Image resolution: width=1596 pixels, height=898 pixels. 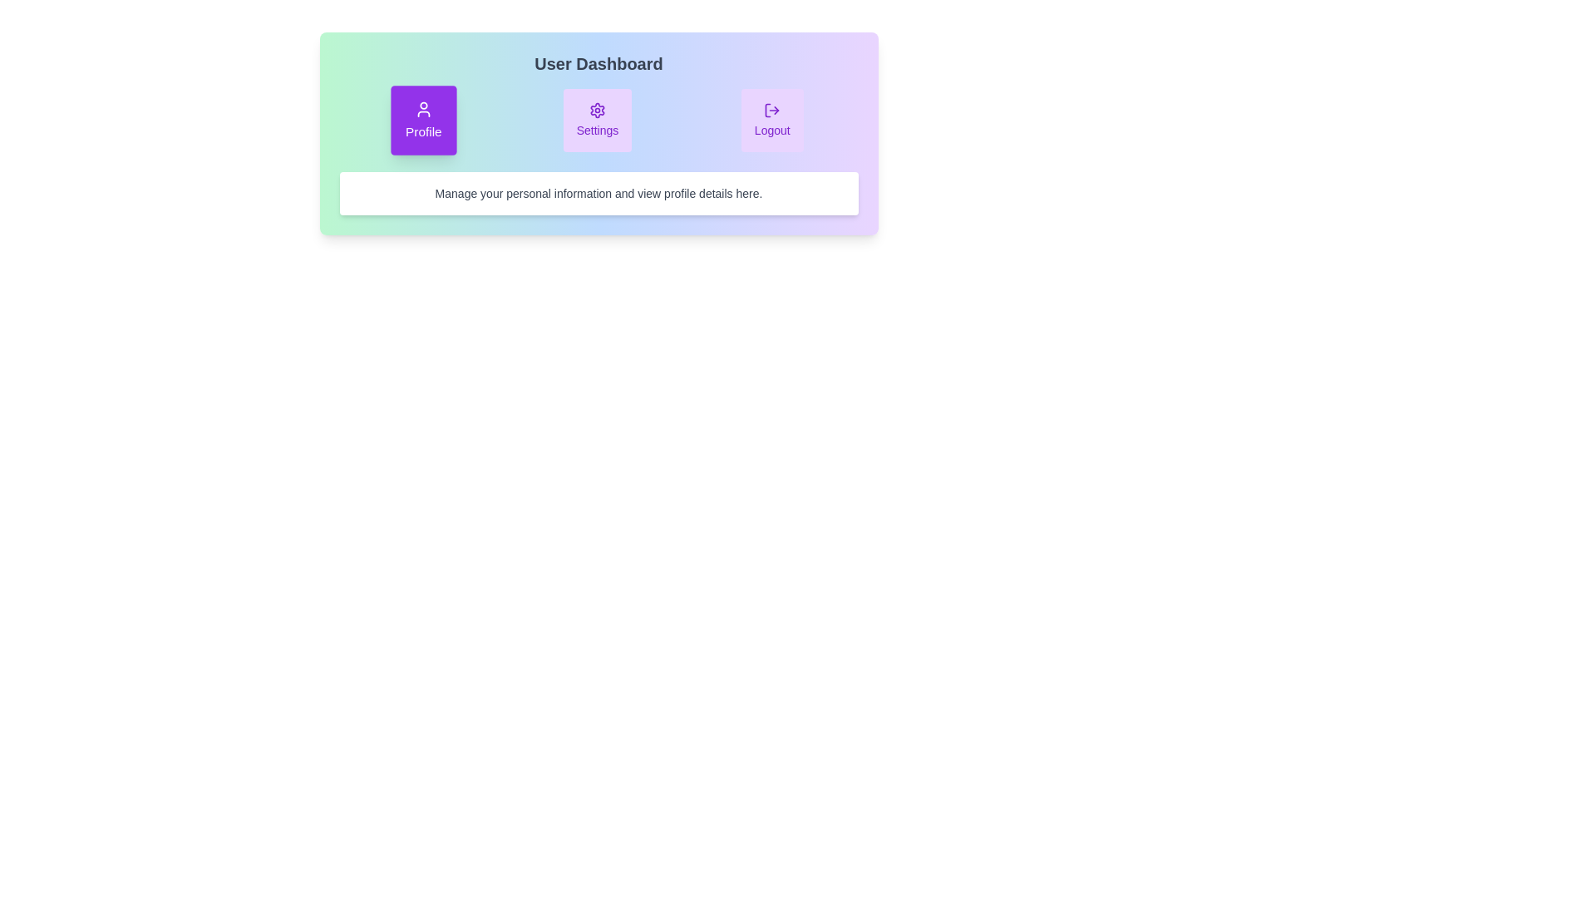 What do you see at coordinates (423, 120) in the screenshot?
I see `the Profile tab by clicking on it` at bounding box center [423, 120].